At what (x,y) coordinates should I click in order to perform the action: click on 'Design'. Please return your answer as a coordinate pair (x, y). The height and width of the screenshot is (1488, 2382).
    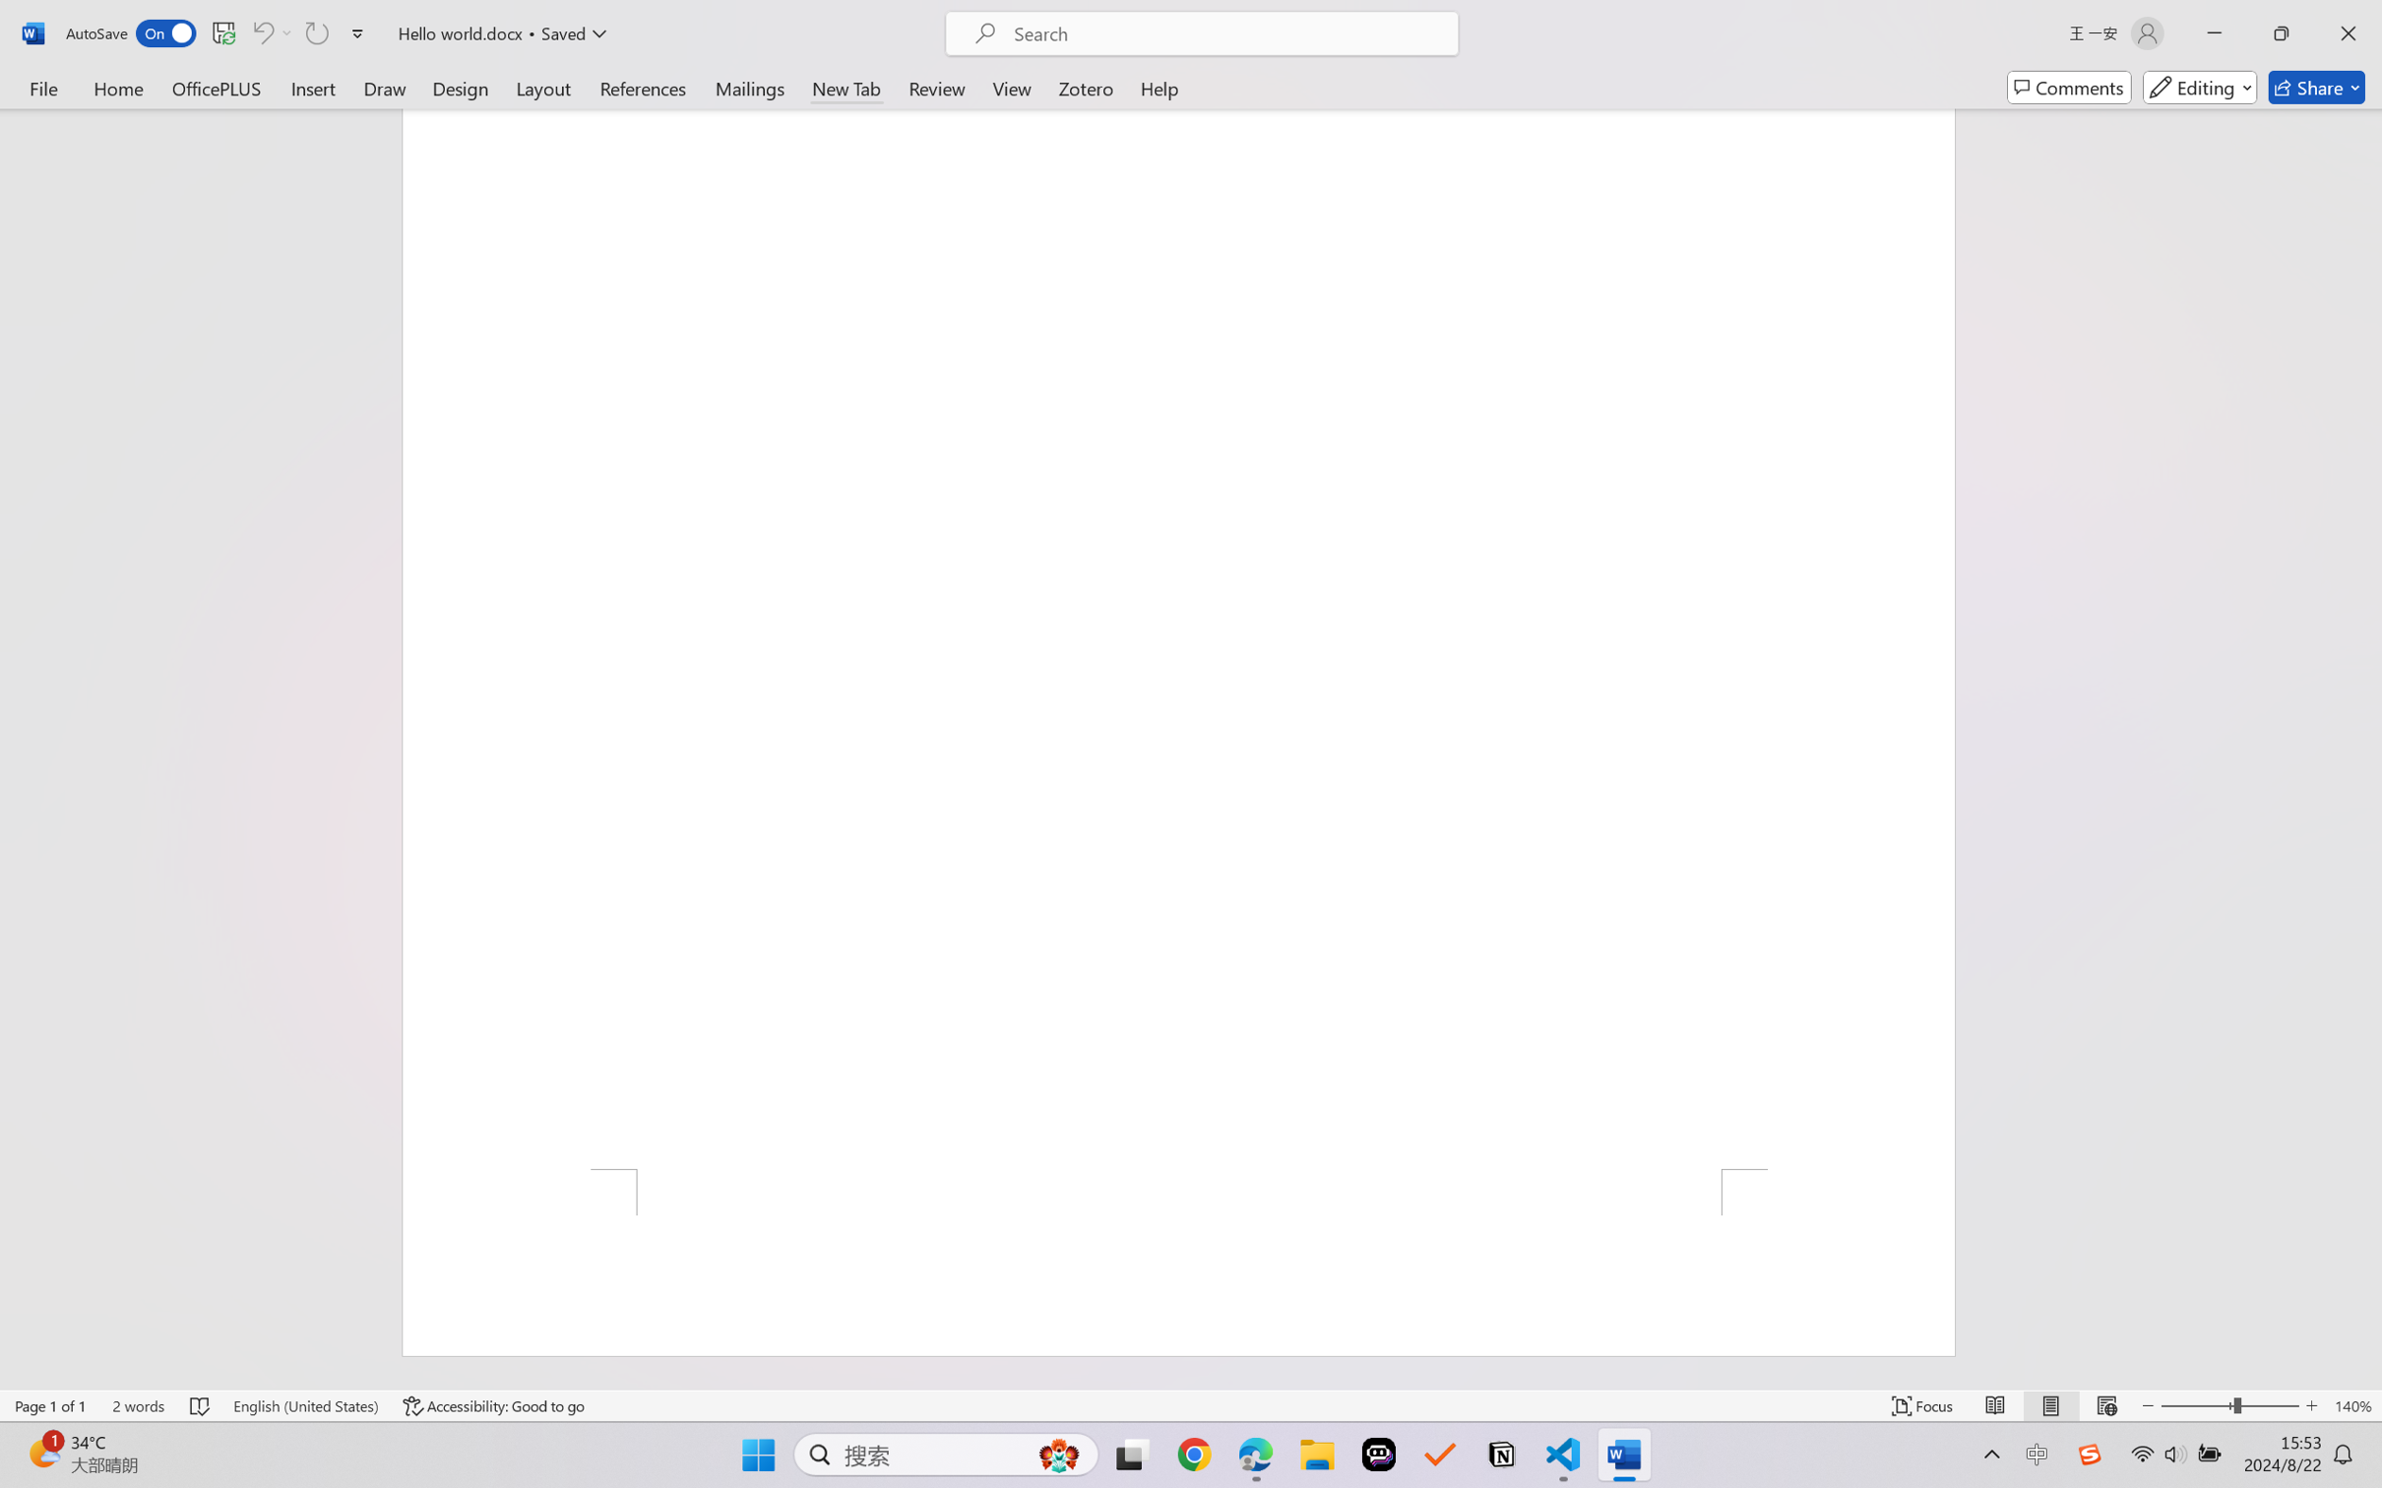
    Looking at the image, I should click on (460, 87).